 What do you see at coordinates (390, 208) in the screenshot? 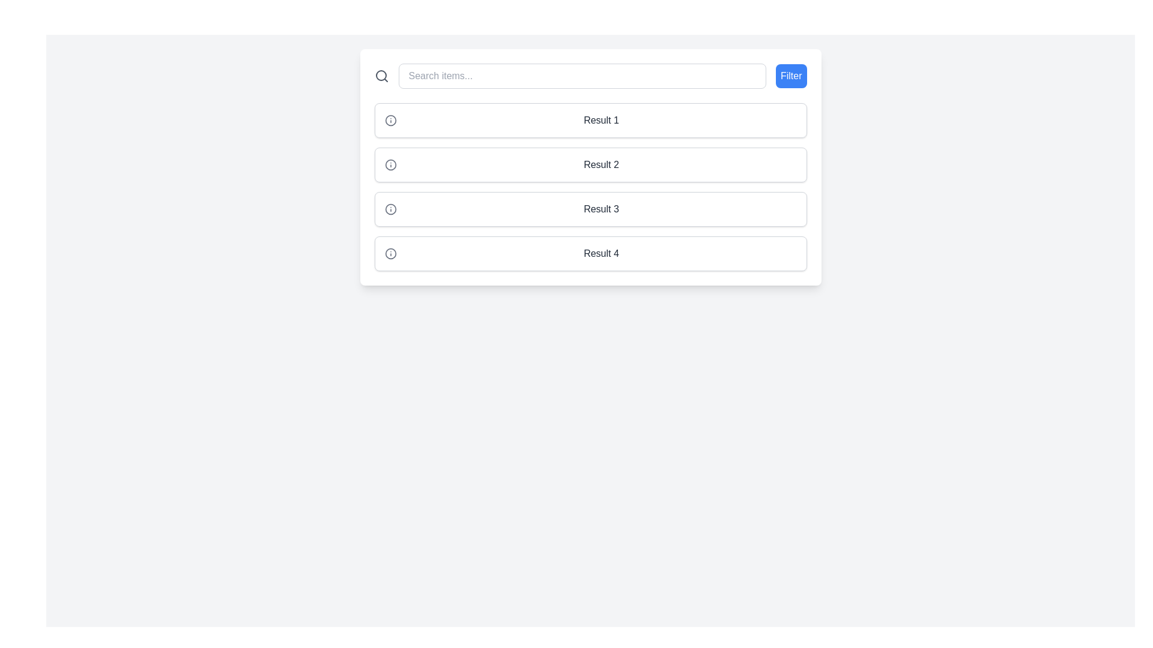
I see `the SVG circle that is part of the information icon associated with 'Result 3', located in the third row of a vertically stacked list of results` at bounding box center [390, 208].